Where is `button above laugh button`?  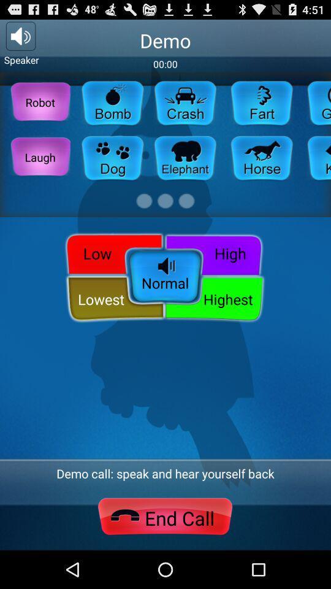 button above laugh button is located at coordinates (40, 101).